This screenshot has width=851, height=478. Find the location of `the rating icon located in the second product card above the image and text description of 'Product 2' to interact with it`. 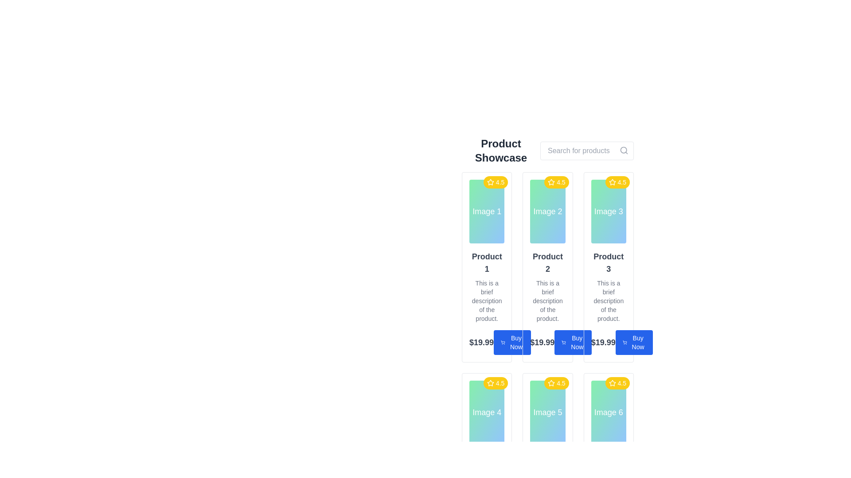

the rating icon located in the second product card above the image and text description of 'Product 2' to interact with it is located at coordinates (550, 181).